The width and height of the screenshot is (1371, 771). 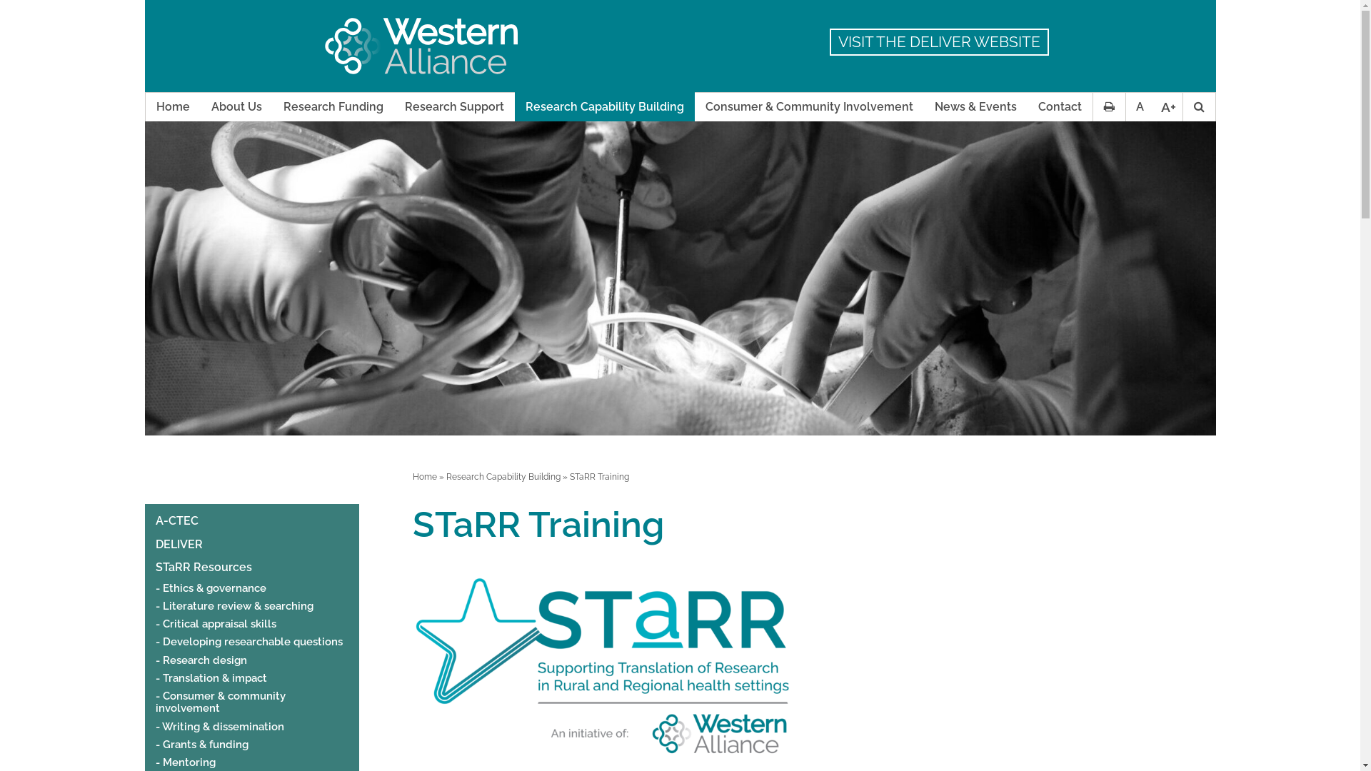 I want to click on 'Mentoring', so click(x=184, y=762).